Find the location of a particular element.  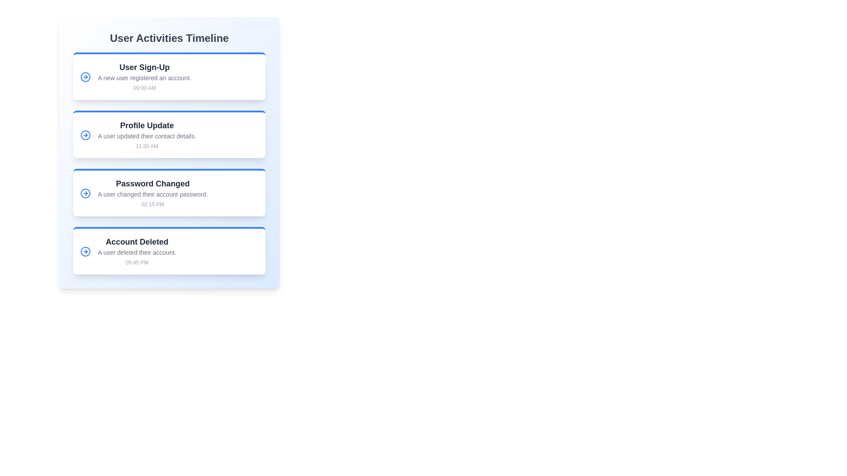

the text label that states 'A new user registered an account.' which is located below the 'User Sign-Up' header is located at coordinates (144, 78).